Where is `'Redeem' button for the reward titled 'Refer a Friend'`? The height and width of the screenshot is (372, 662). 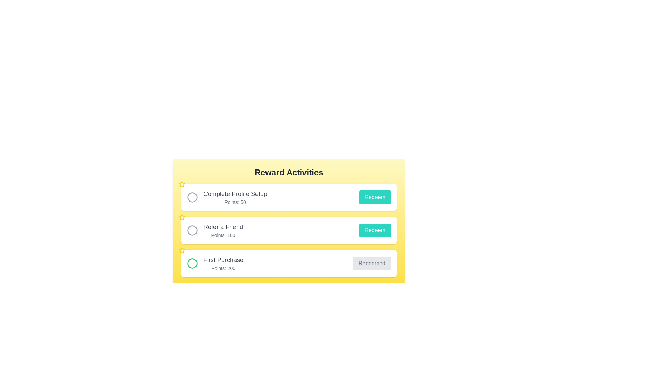 'Redeem' button for the reward titled 'Refer a Friend' is located at coordinates (374, 230).